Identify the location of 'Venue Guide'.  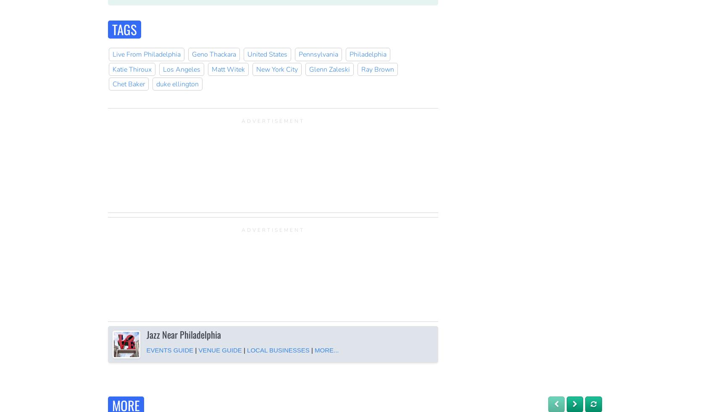
(198, 350).